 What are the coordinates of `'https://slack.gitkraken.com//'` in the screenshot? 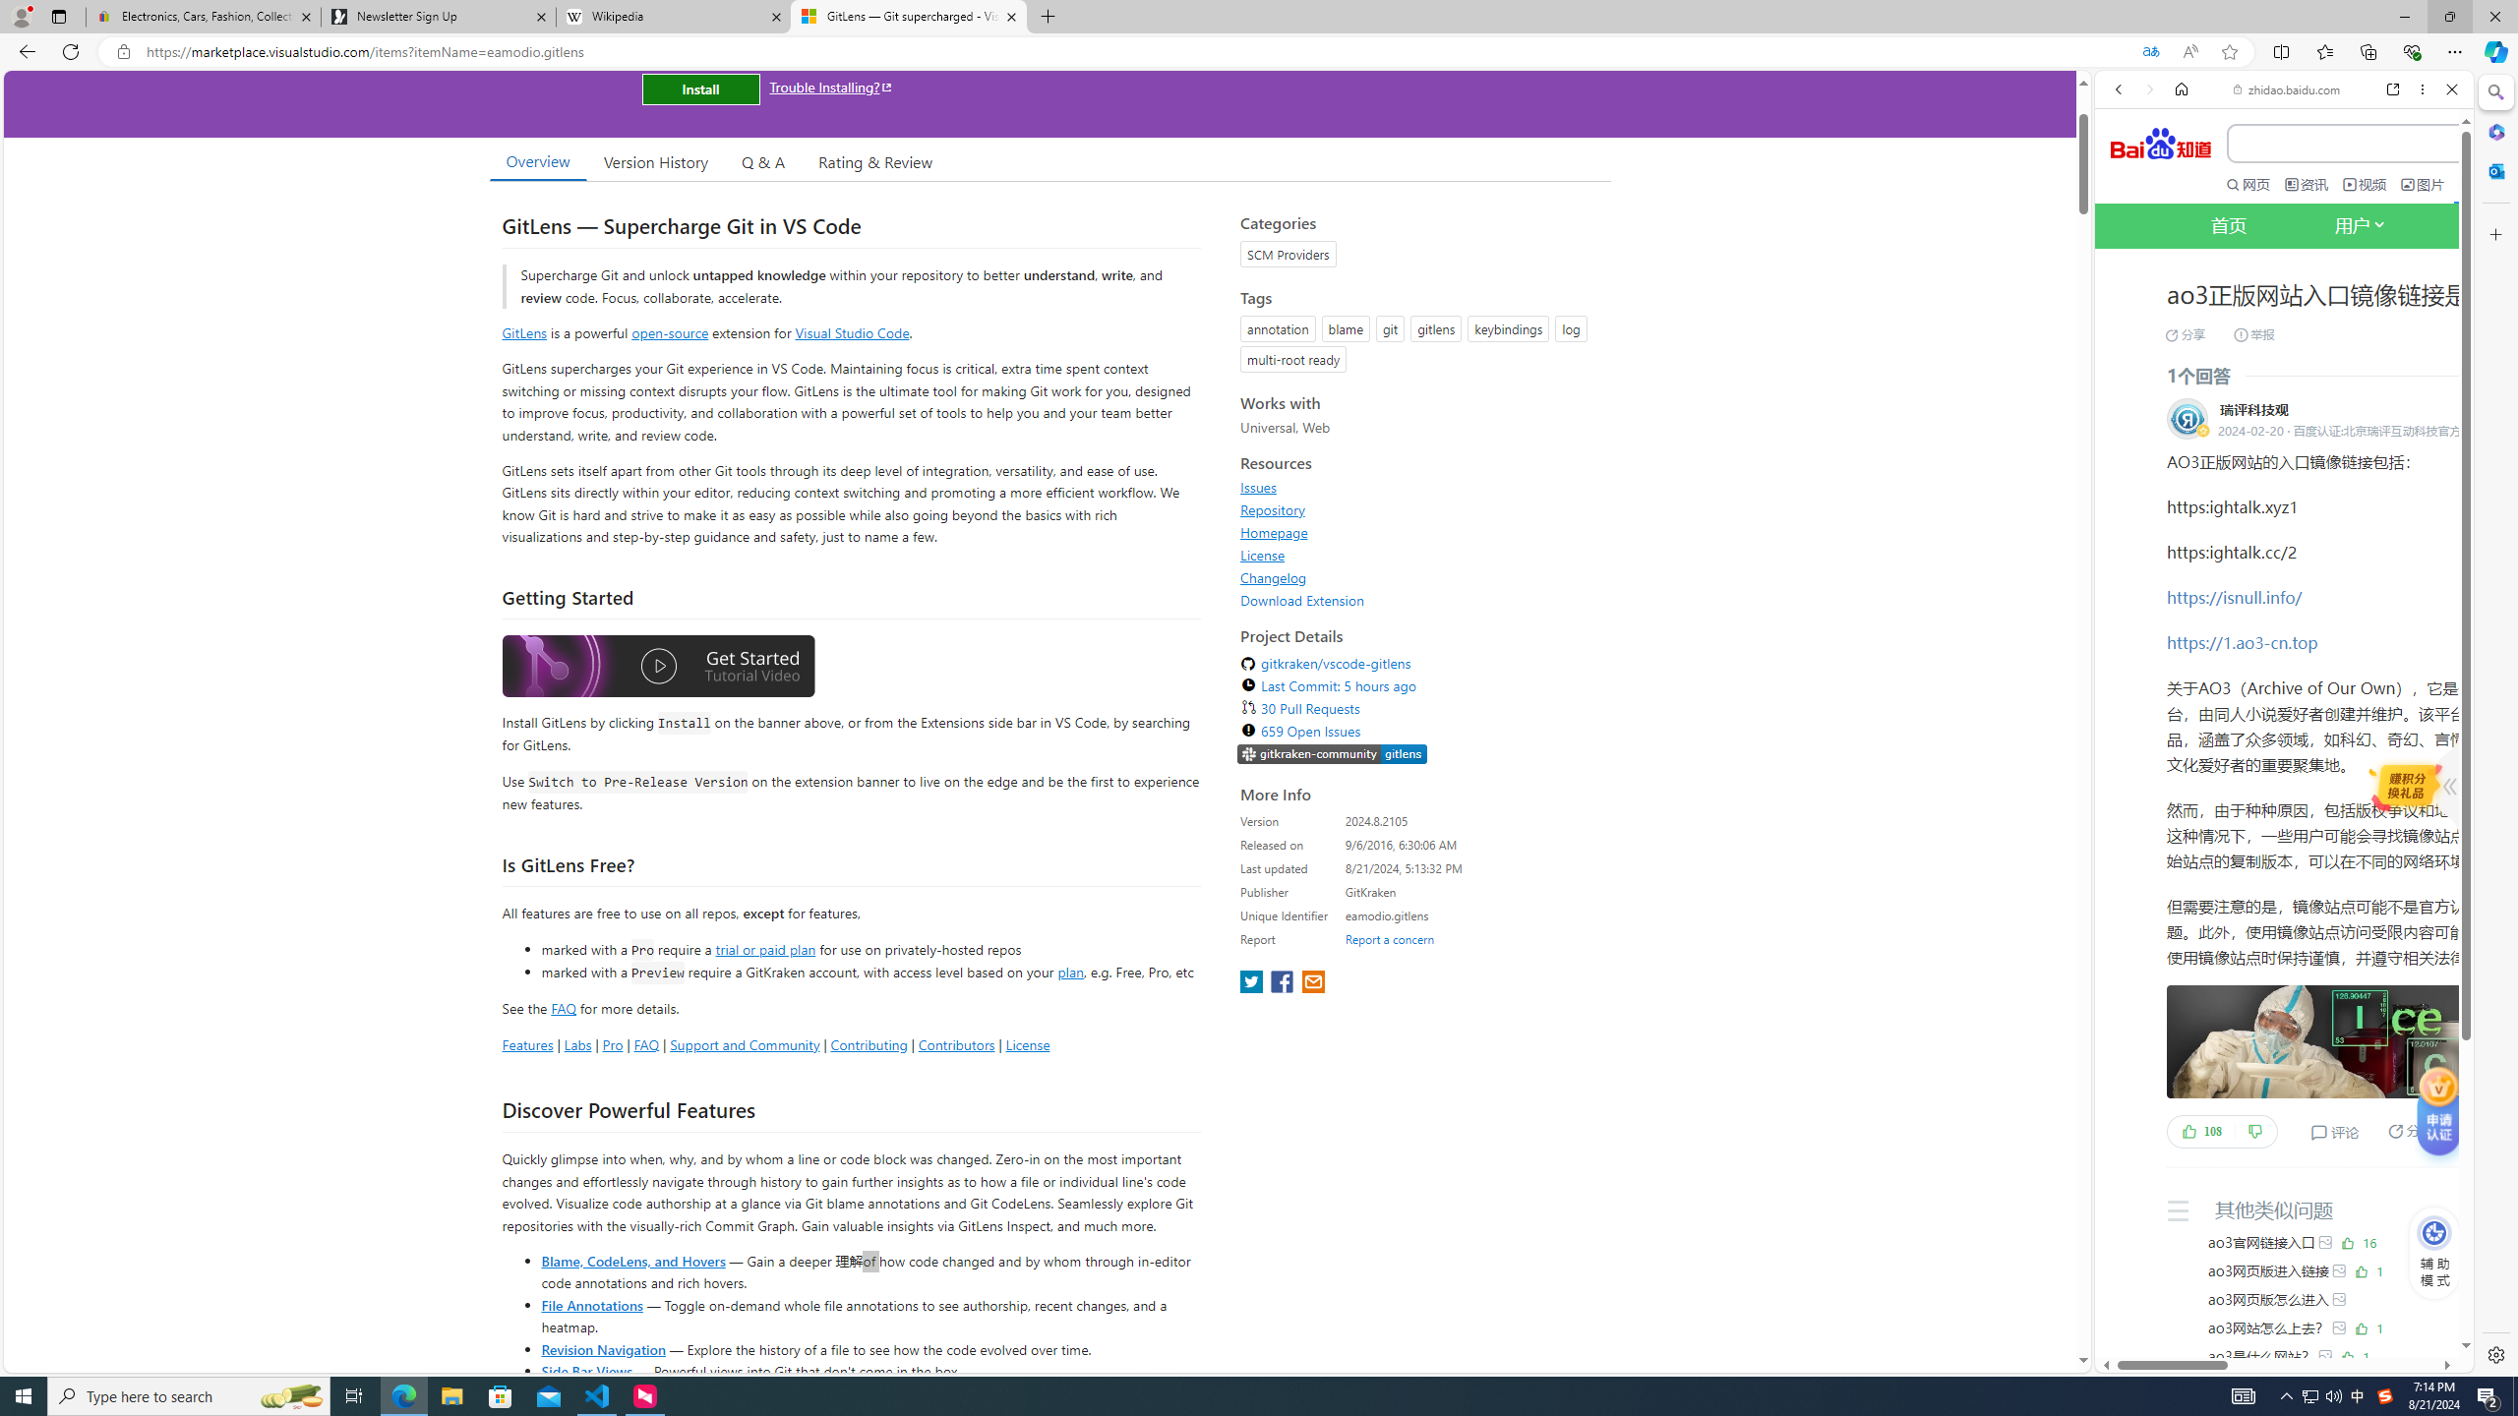 It's located at (1331, 754).